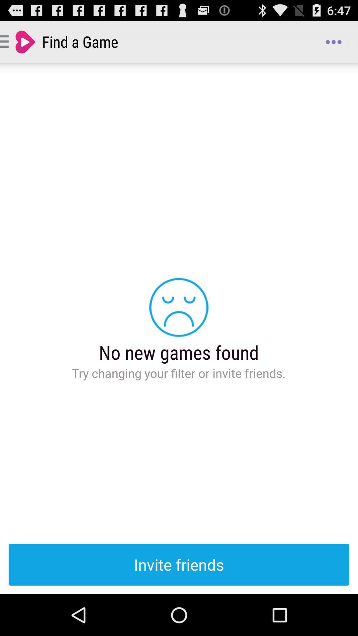  What do you see at coordinates (333, 41) in the screenshot?
I see `icon to the right of find a game app` at bounding box center [333, 41].